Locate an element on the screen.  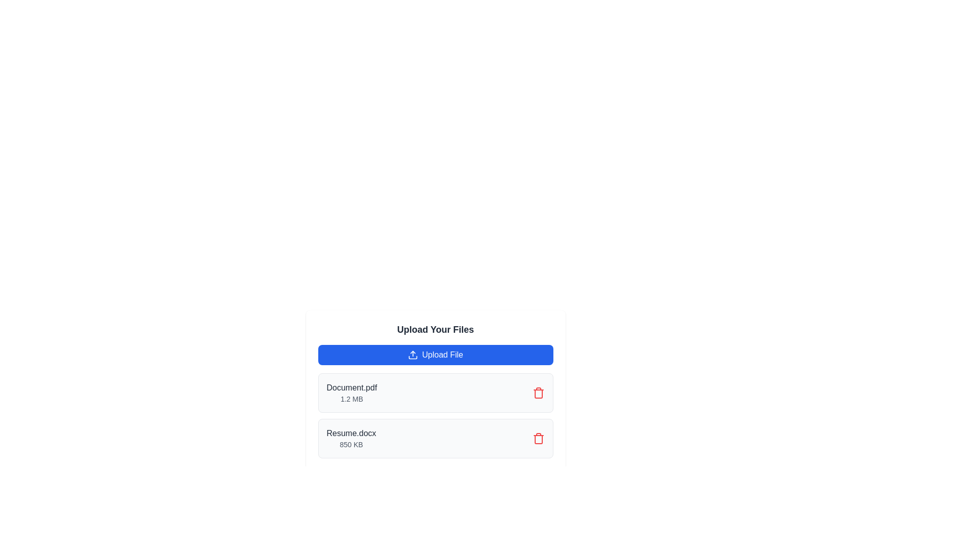
the text label 'Upload File' within the blue button is located at coordinates (442, 355).